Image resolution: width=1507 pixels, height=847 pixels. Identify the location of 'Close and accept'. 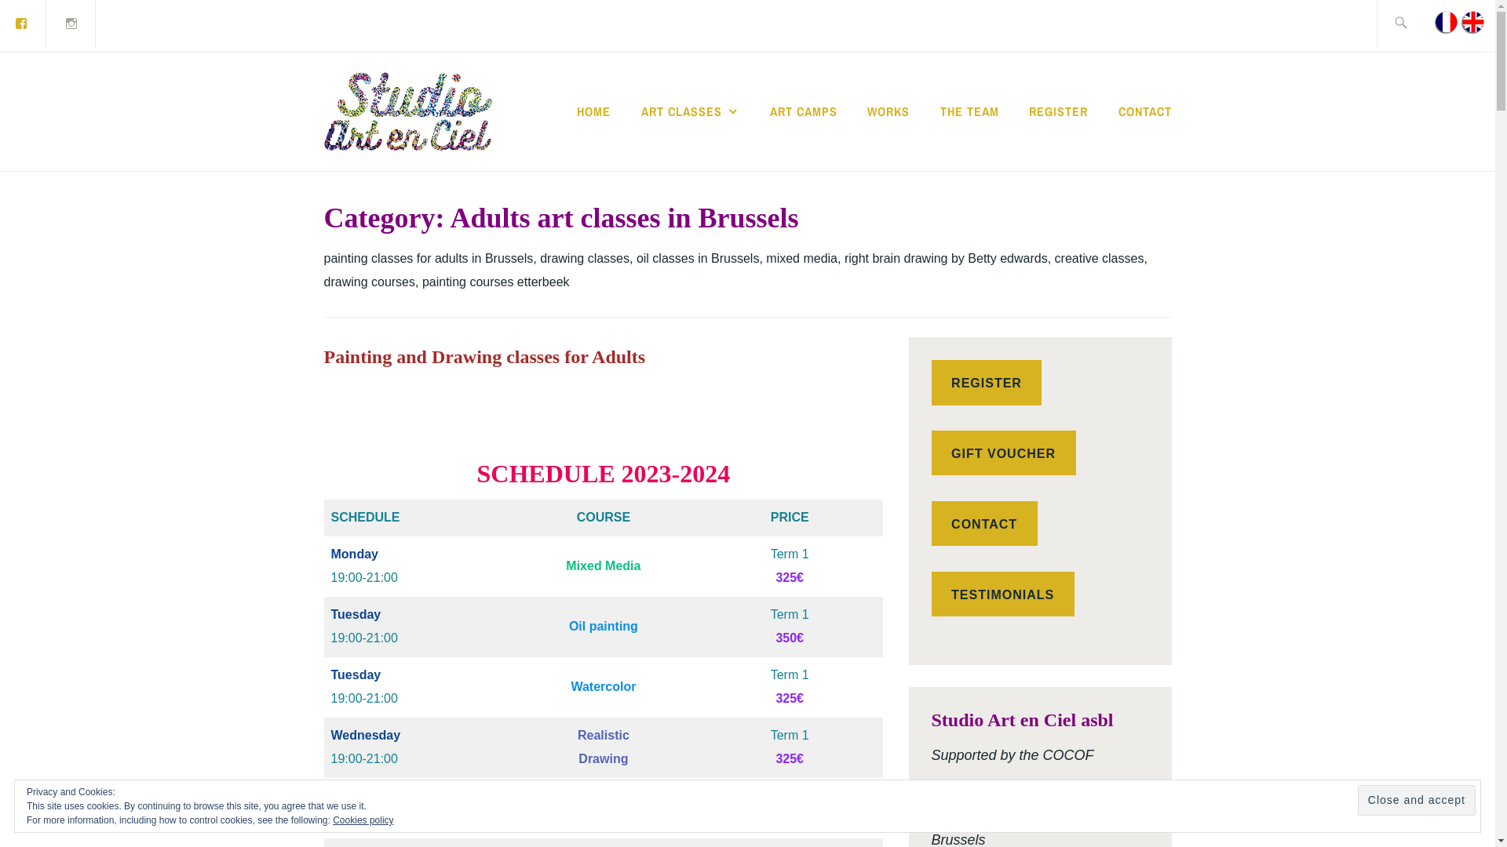
(1416, 800).